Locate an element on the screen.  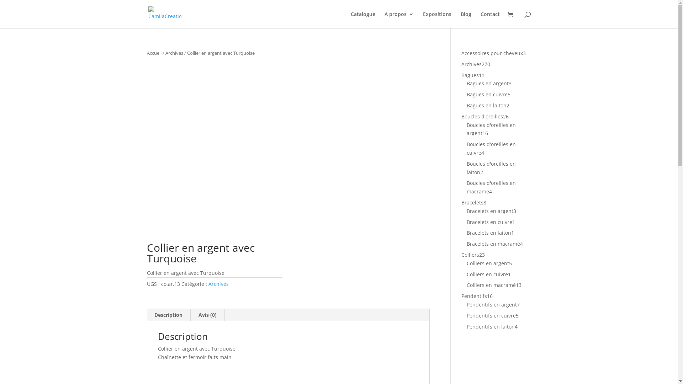
'Bracelets en laiton' is located at coordinates (488, 233).